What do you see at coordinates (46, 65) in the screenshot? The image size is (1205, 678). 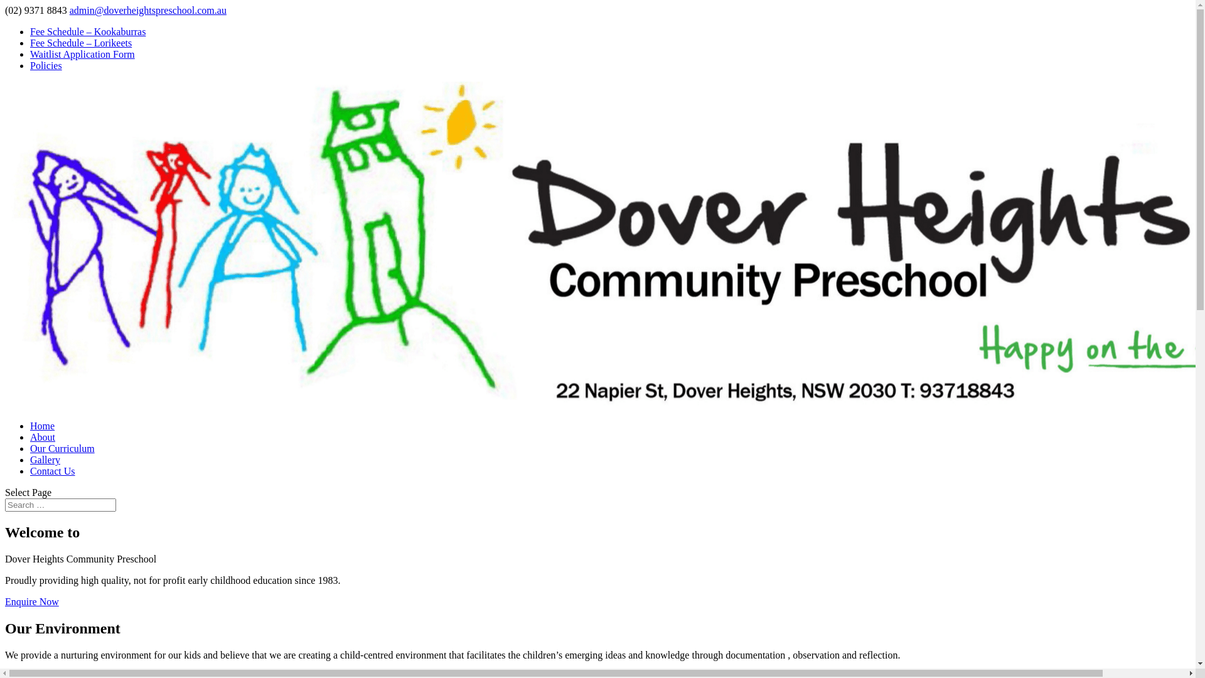 I see `'Policies'` at bounding box center [46, 65].